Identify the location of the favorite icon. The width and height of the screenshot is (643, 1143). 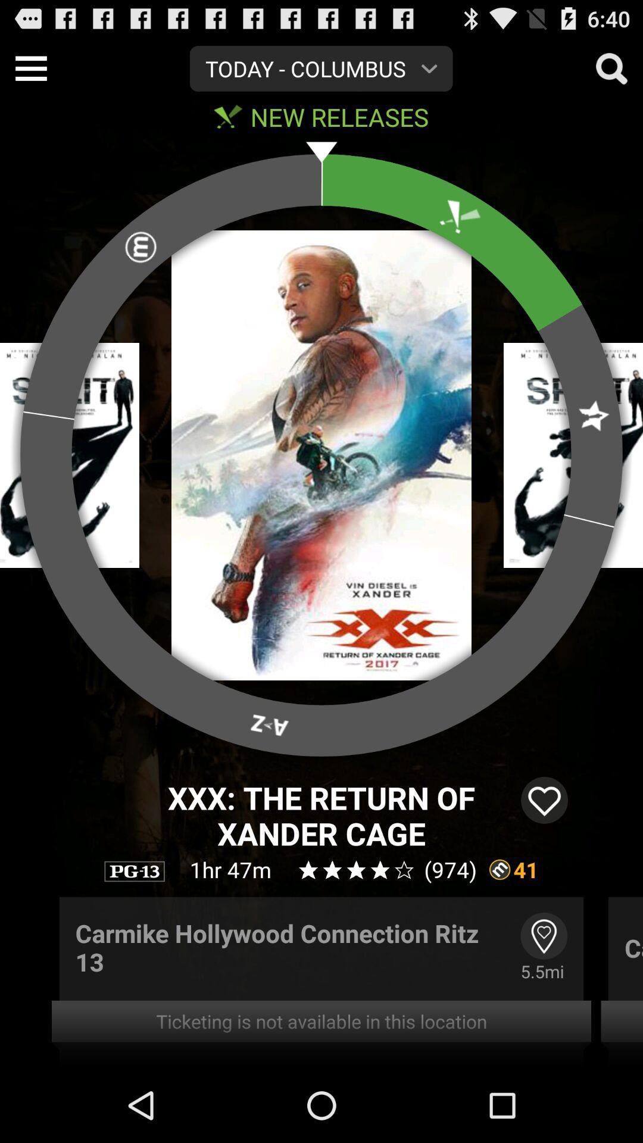
(544, 855).